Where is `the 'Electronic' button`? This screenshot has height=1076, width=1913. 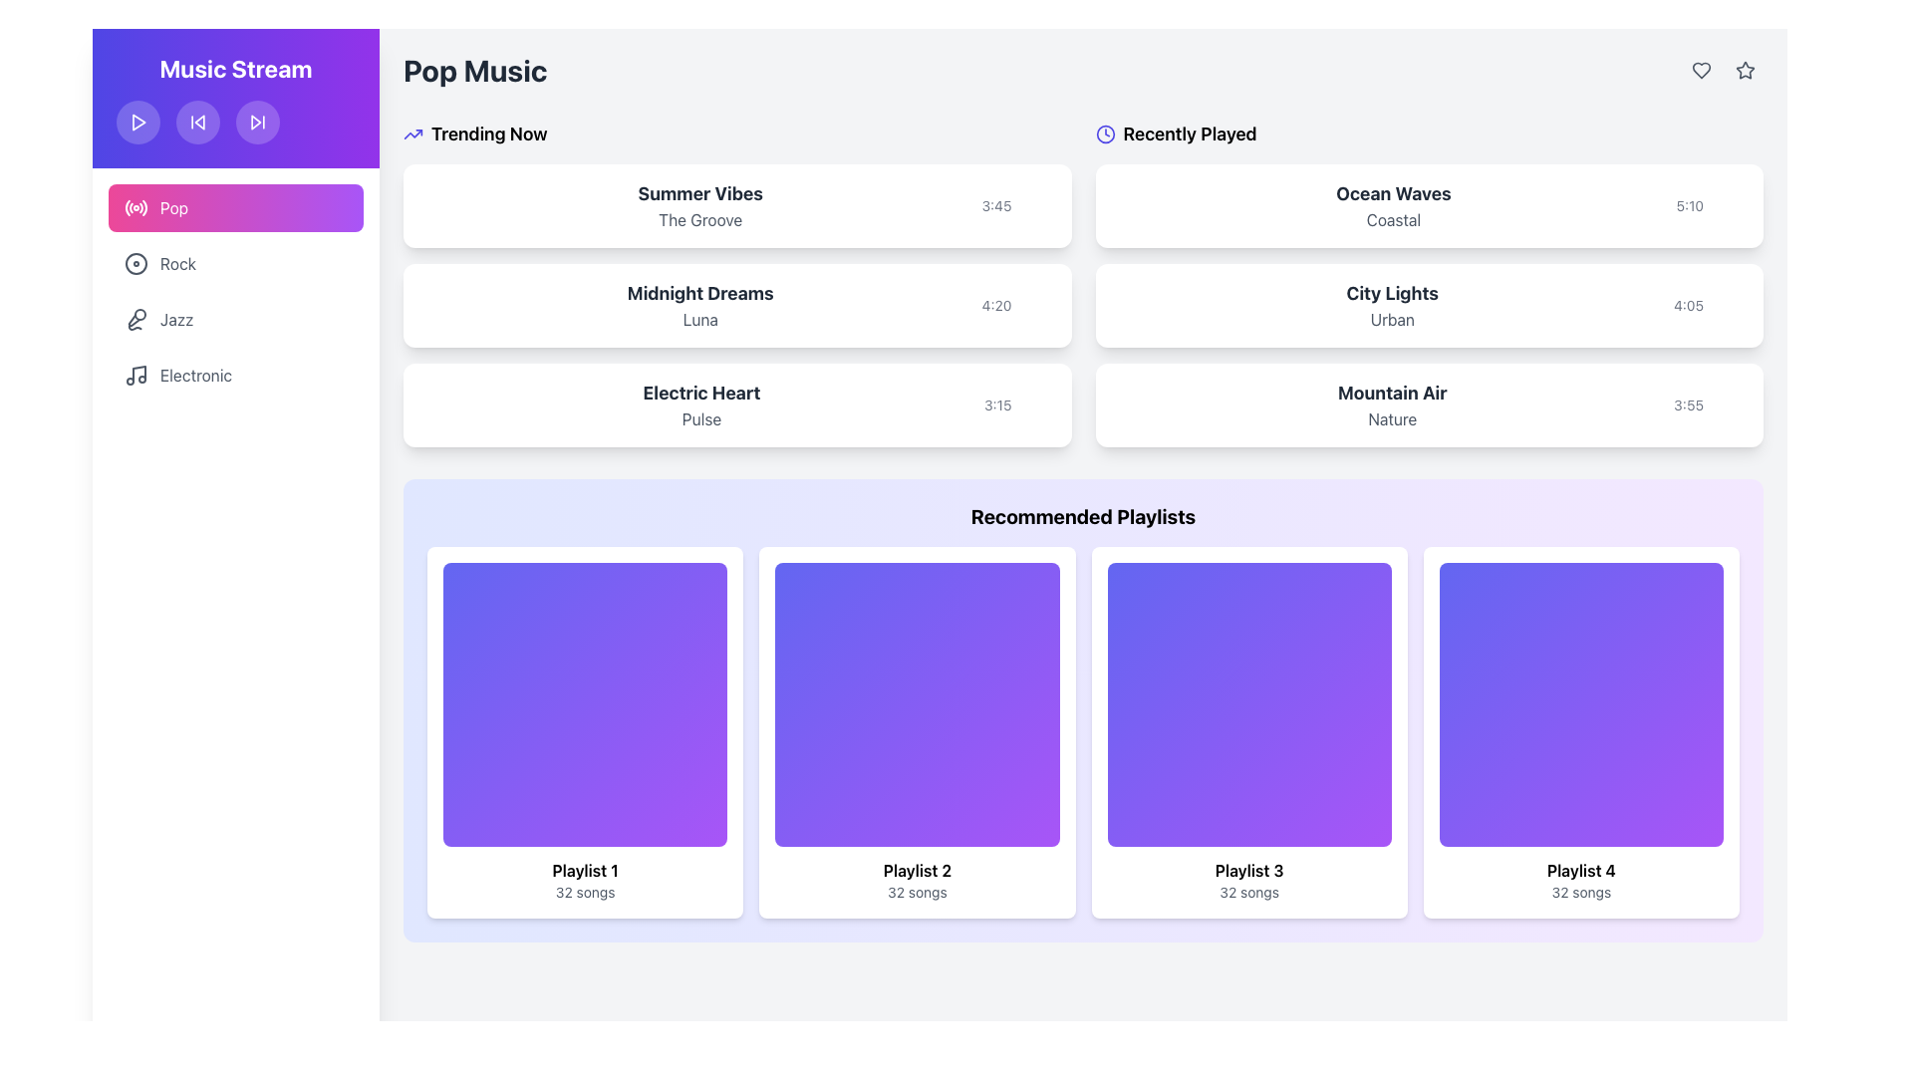 the 'Electronic' button is located at coordinates (235, 376).